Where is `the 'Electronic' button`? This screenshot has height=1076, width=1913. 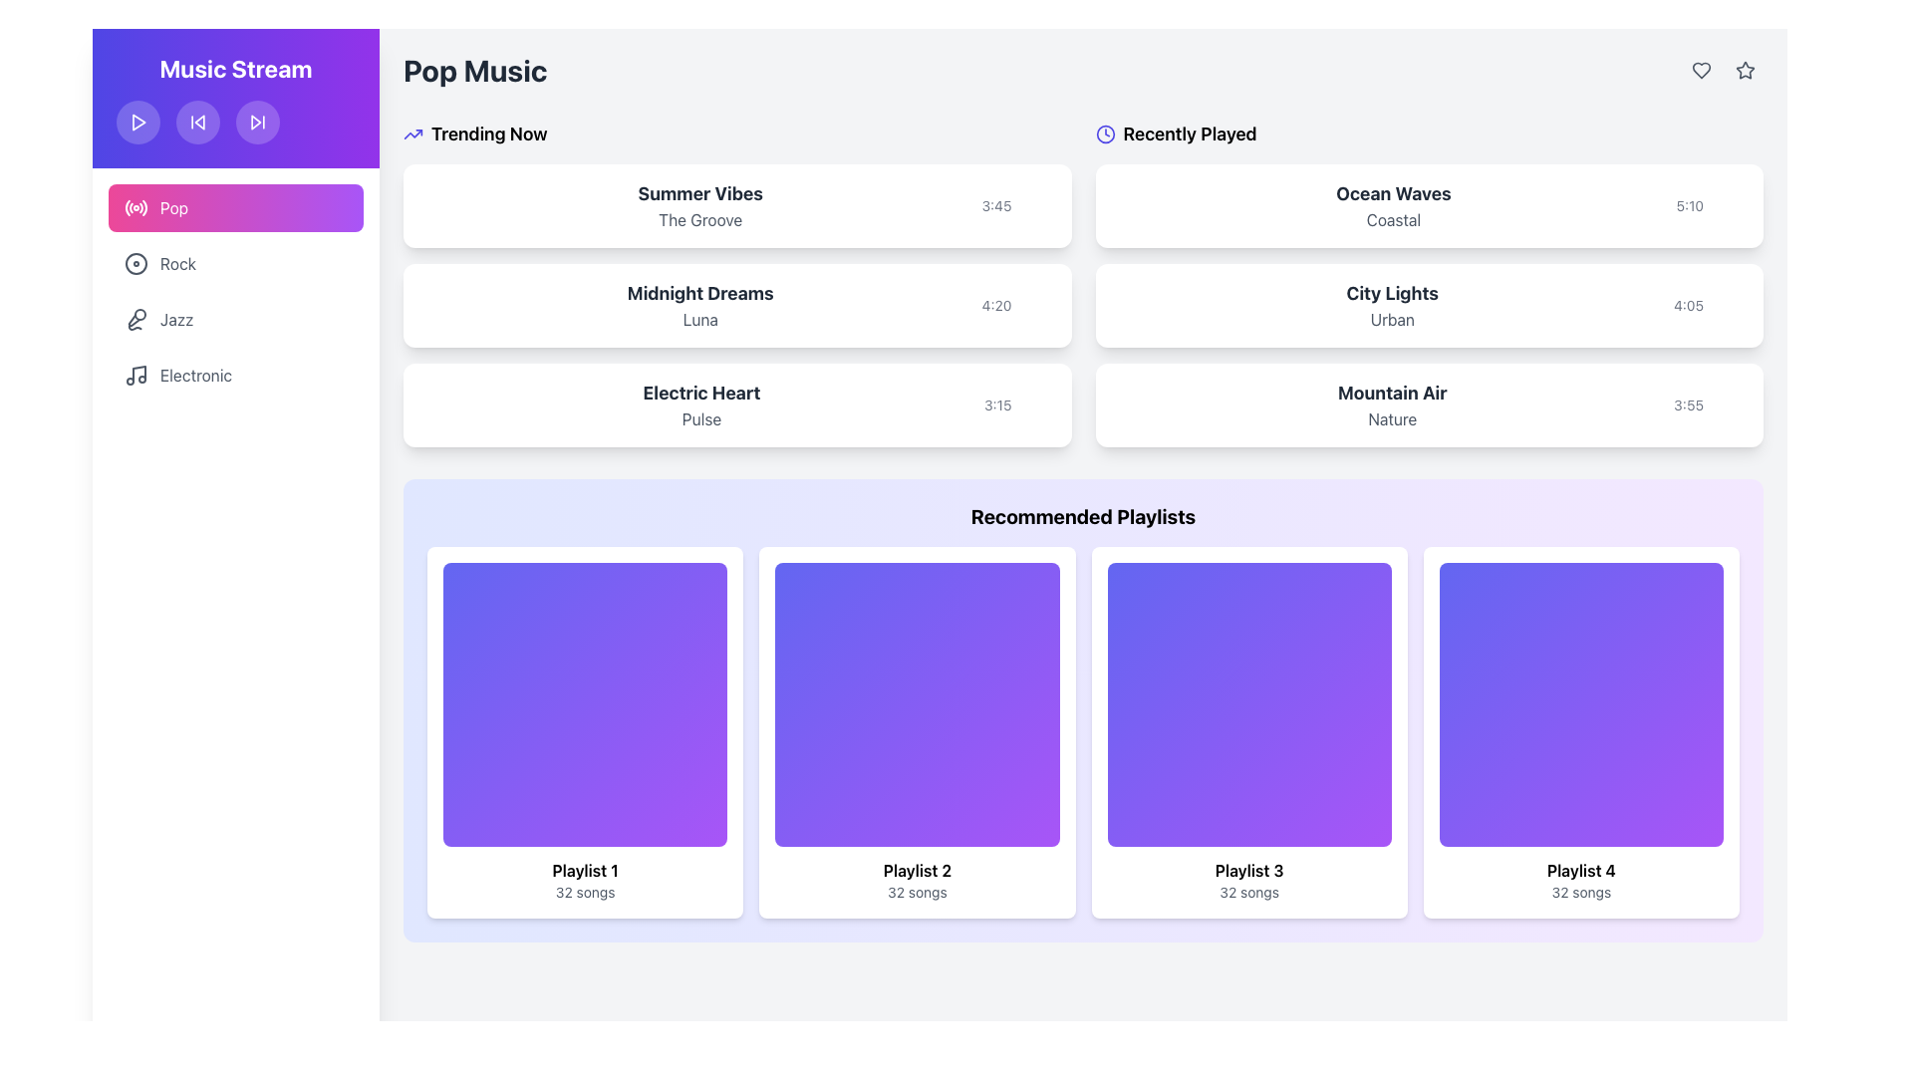 the 'Electronic' button is located at coordinates (235, 376).